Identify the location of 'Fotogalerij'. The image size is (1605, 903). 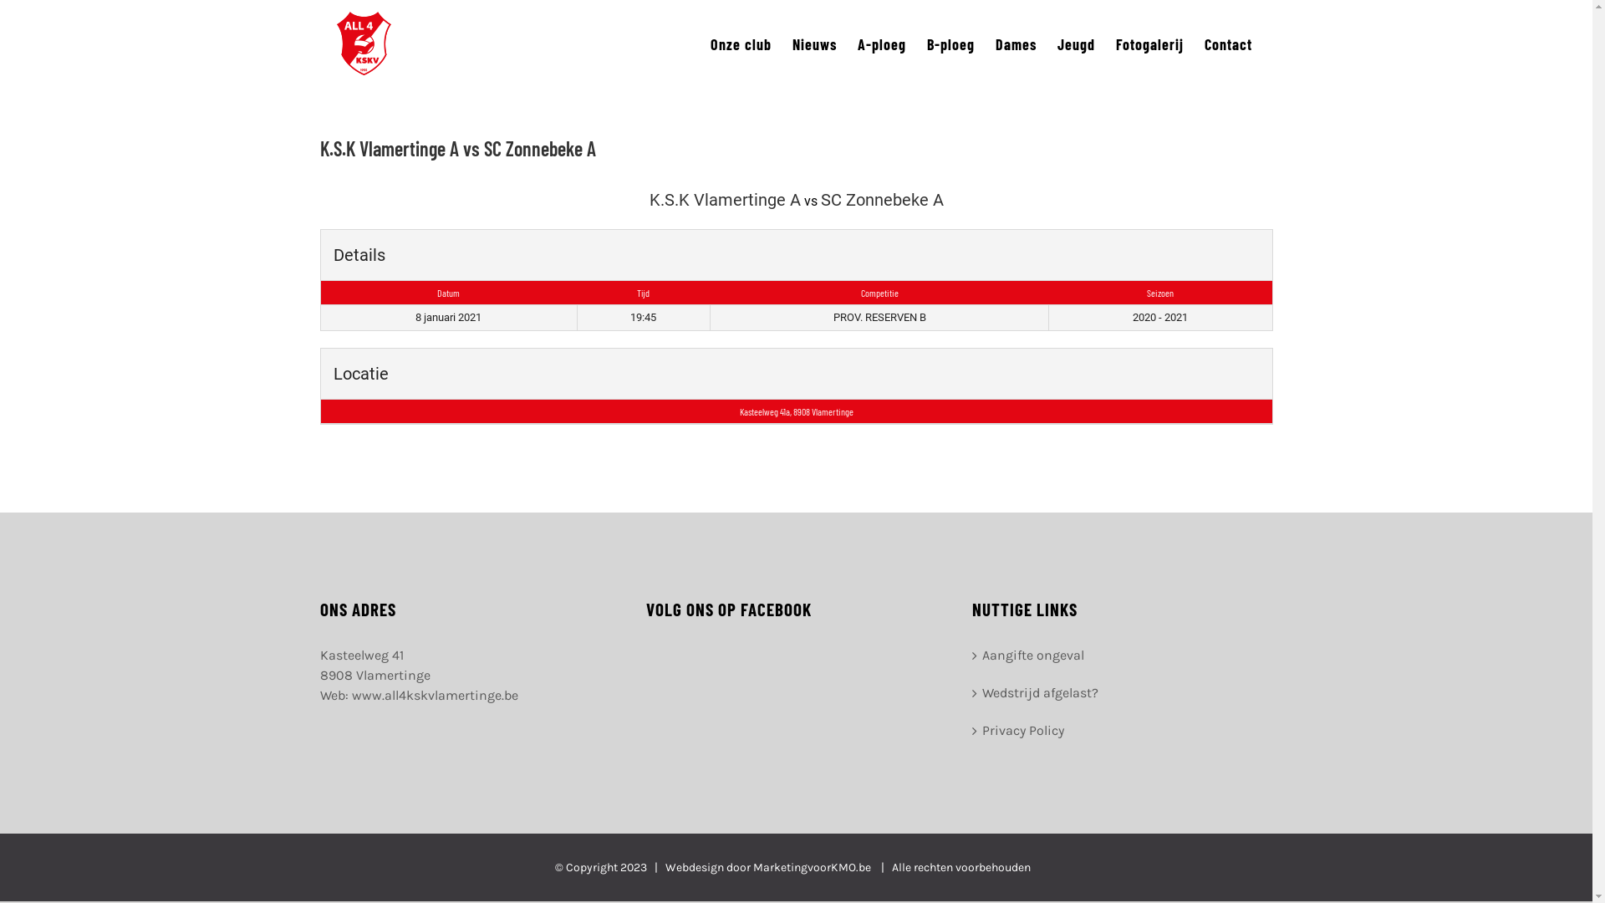
(1148, 43).